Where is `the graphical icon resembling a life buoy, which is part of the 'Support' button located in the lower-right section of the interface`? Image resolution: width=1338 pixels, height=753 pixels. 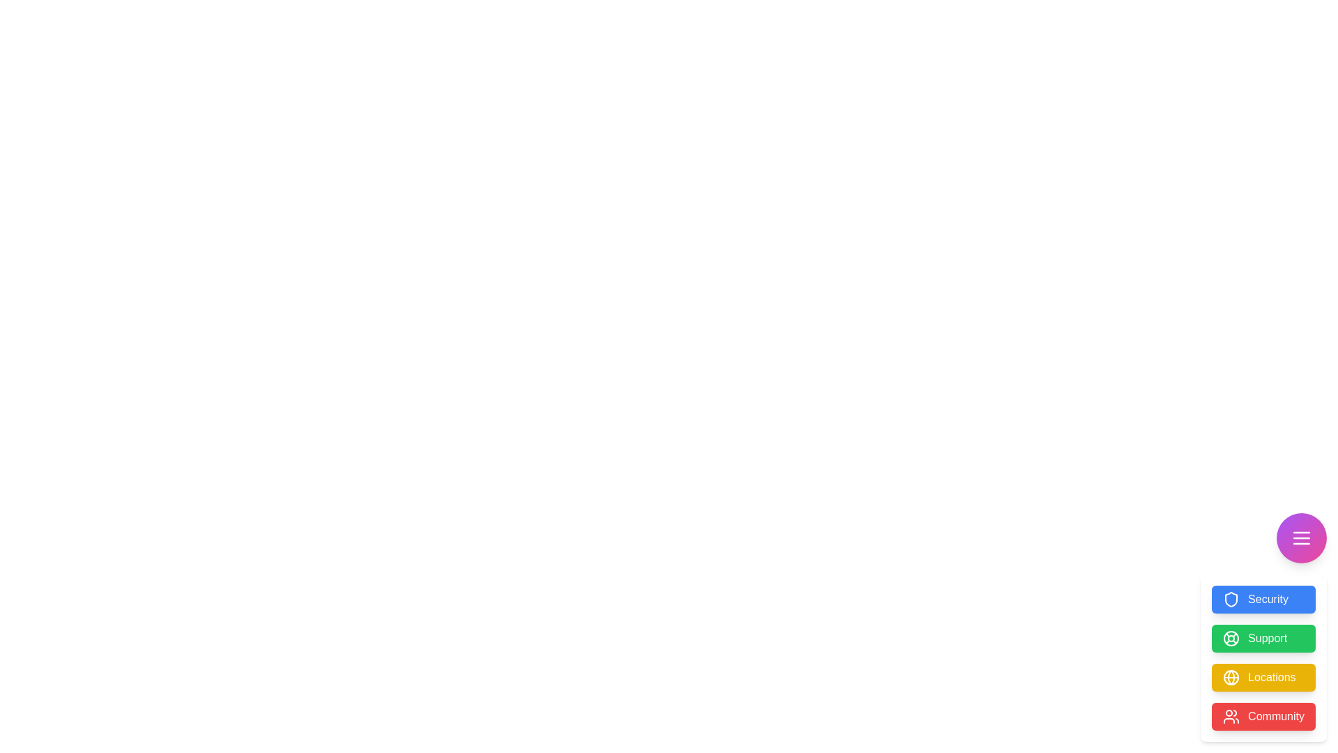 the graphical icon resembling a life buoy, which is part of the 'Support' button located in the lower-right section of the interface is located at coordinates (1231, 638).